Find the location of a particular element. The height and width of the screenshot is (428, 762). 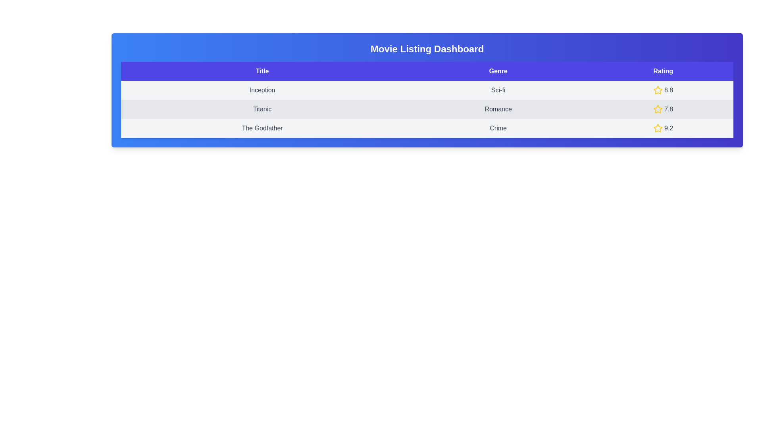

the star rating indicator icon, which is a five-pointed star outlined in yellow-orange, located in the second row of the table next to the numeric rating value '7.8' for the movie 'Titanic' is located at coordinates (658, 109).